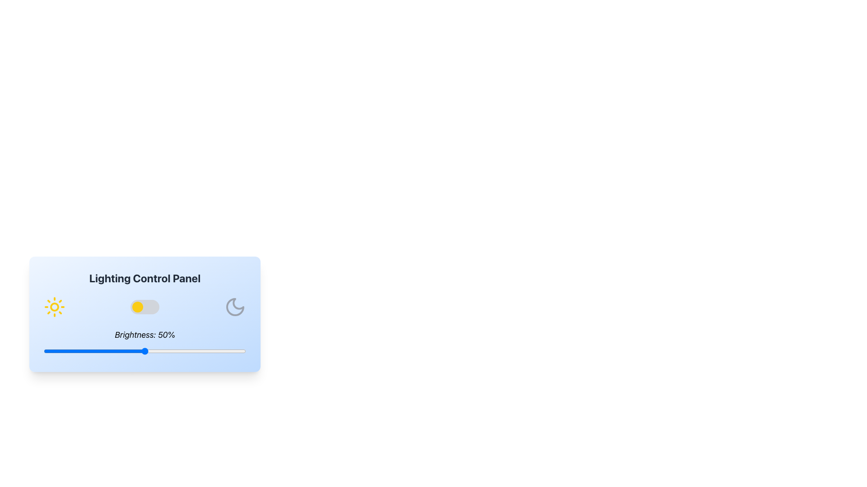 Image resolution: width=867 pixels, height=487 pixels. What do you see at coordinates (86, 351) in the screenshot?
I see `the brightness` at bounding box center [86, 351].